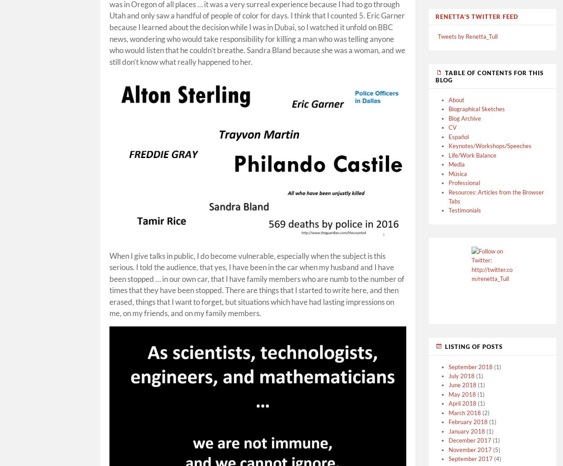 This screenshot has width=563, height=466. Describe the element at coordinates (477, 16) in the screenshot. I see `'Renetta’s Twitter Feed'` at that location.